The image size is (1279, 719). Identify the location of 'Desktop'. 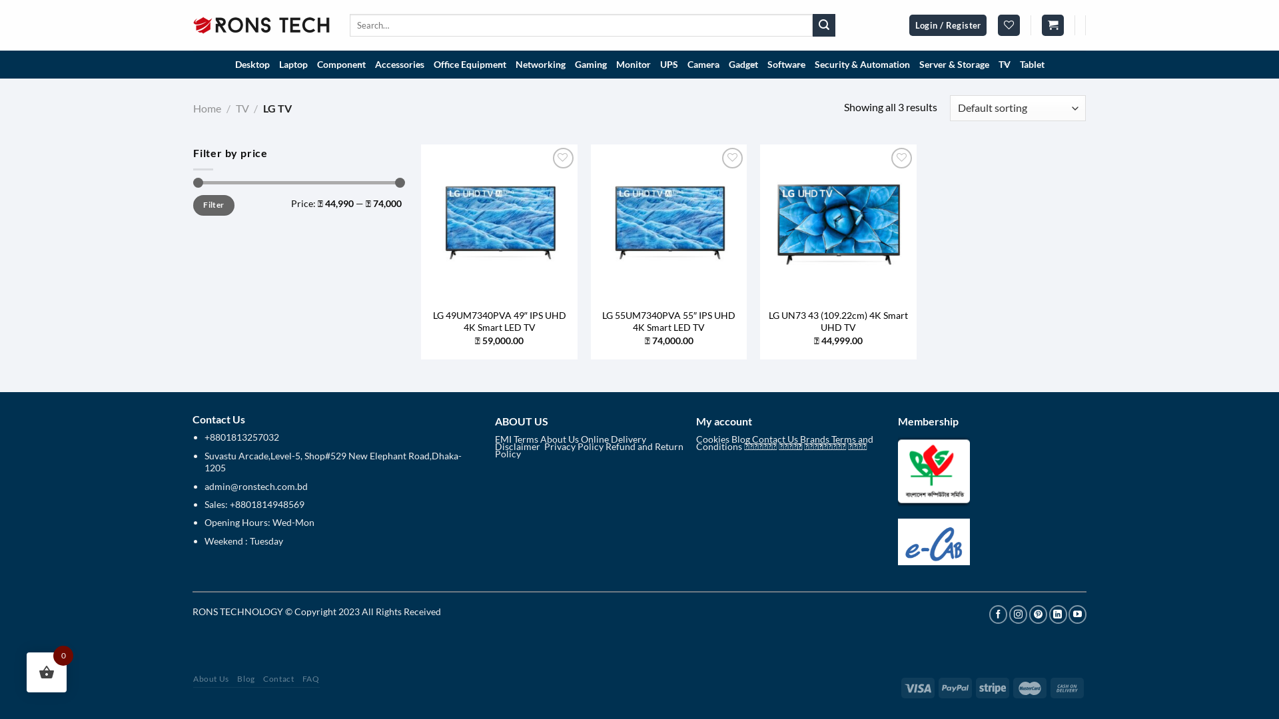
(252, 64).